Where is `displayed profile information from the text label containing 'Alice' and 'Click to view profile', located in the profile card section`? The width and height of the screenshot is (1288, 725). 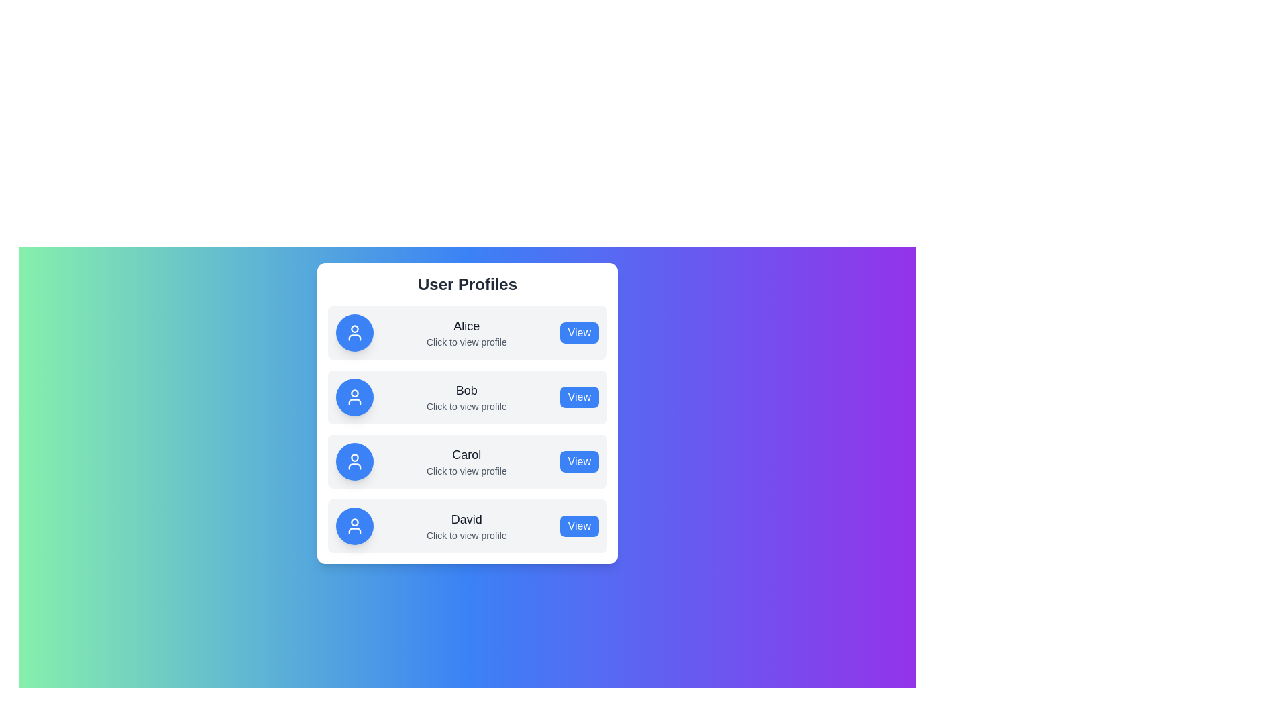 displayed profile information from the text label containing 'Alice' and 'Click to view profile', located in the profile card section is located at coordinates (466, 332).